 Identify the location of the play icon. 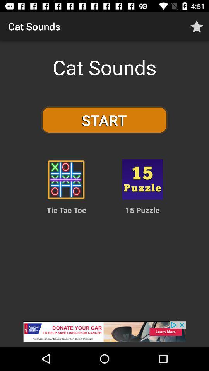
(66, 179).